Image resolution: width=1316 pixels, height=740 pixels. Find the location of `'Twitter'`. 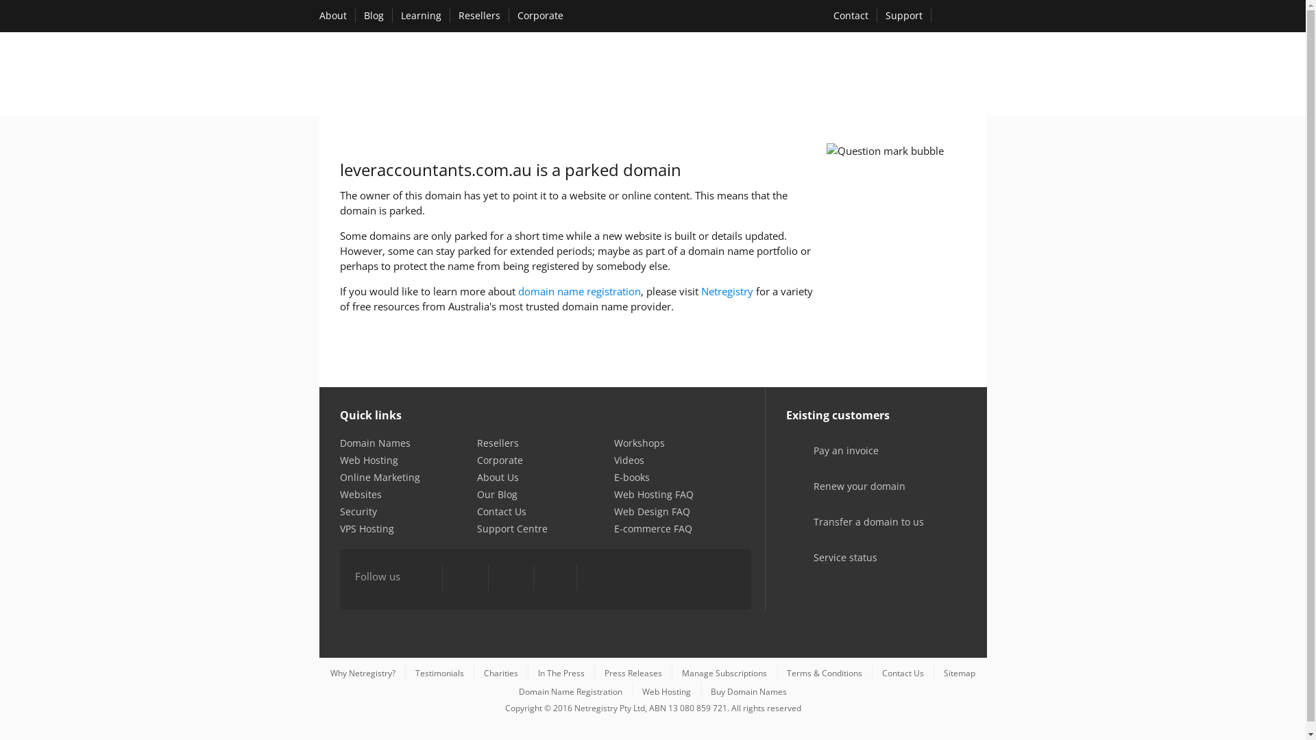

'Twitter' is located at coordinates (465, 578).